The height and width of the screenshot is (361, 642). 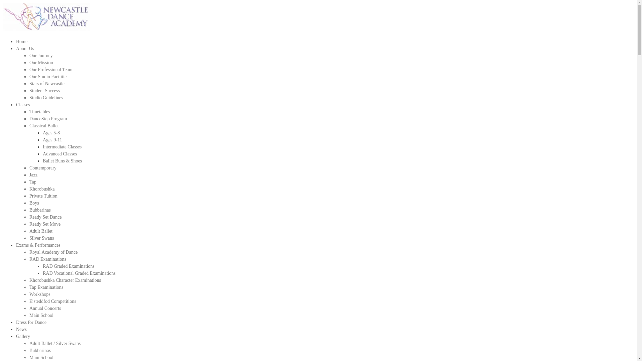 What do you see at coordinates (50, 70) in the screenshot?
I see `'Our Professional Team'` at bounding box center [50, 70].